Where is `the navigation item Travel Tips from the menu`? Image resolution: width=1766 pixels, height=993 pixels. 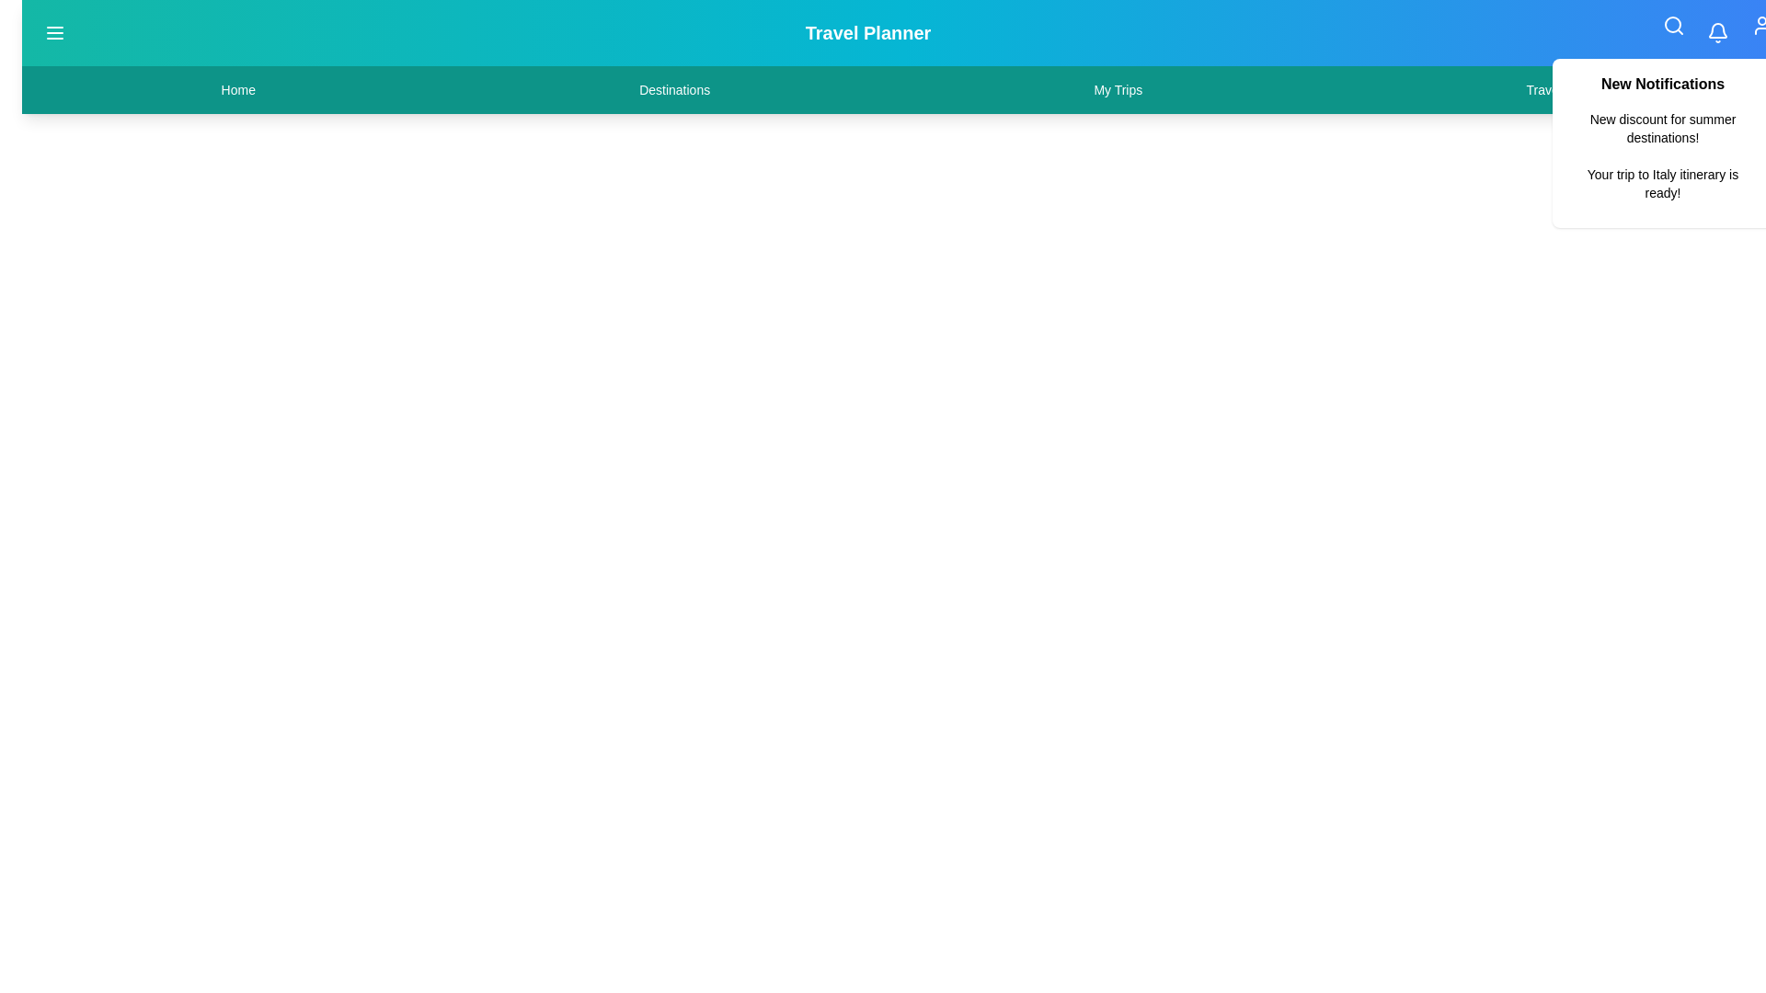 the navigation item Travel Tips from the menu is located at coordinates (1556, 89).